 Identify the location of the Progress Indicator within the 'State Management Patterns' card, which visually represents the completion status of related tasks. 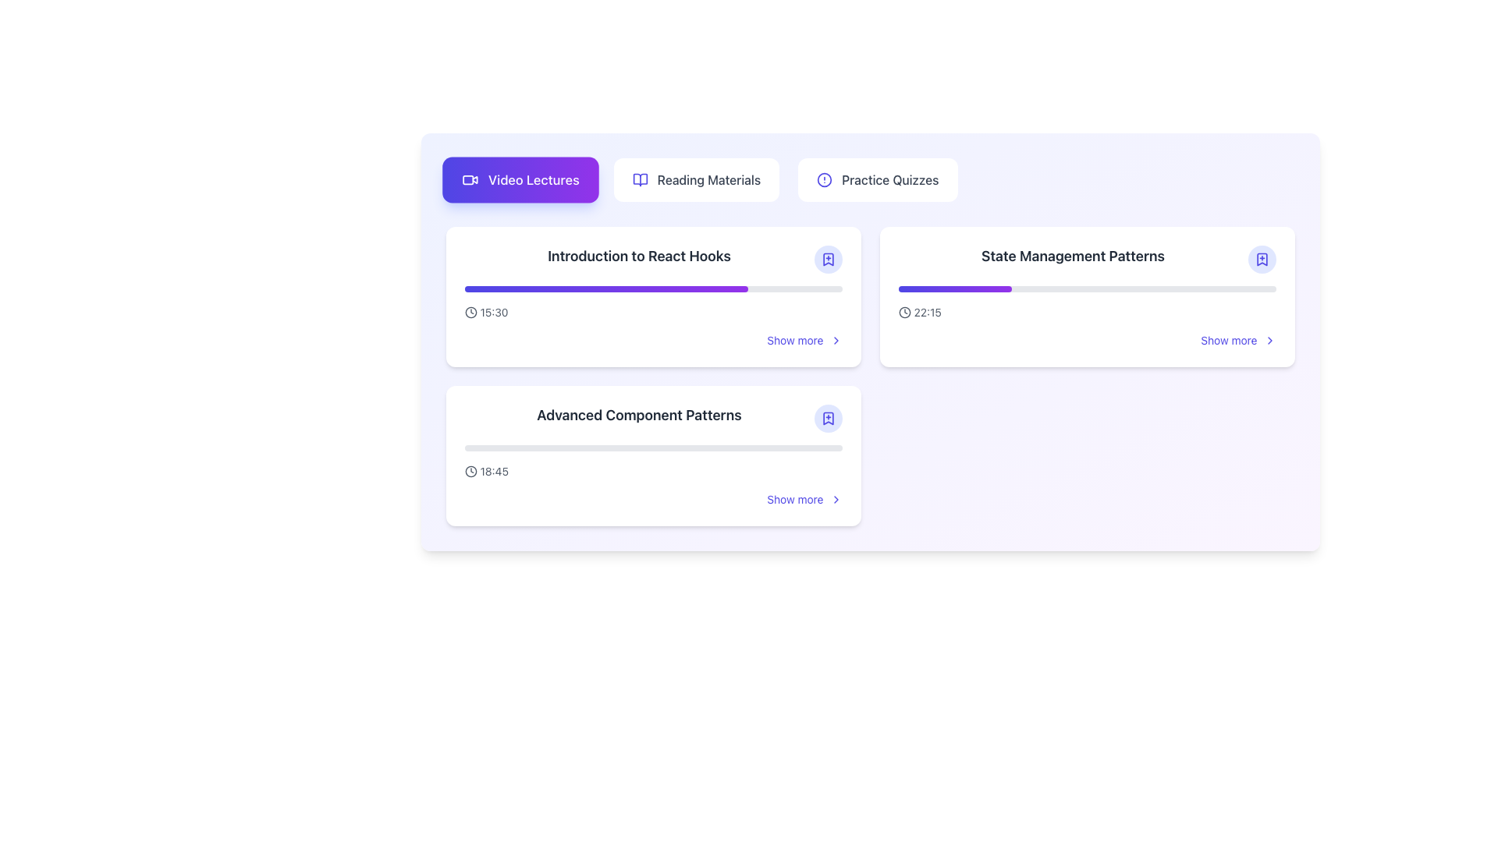
(954, 288).